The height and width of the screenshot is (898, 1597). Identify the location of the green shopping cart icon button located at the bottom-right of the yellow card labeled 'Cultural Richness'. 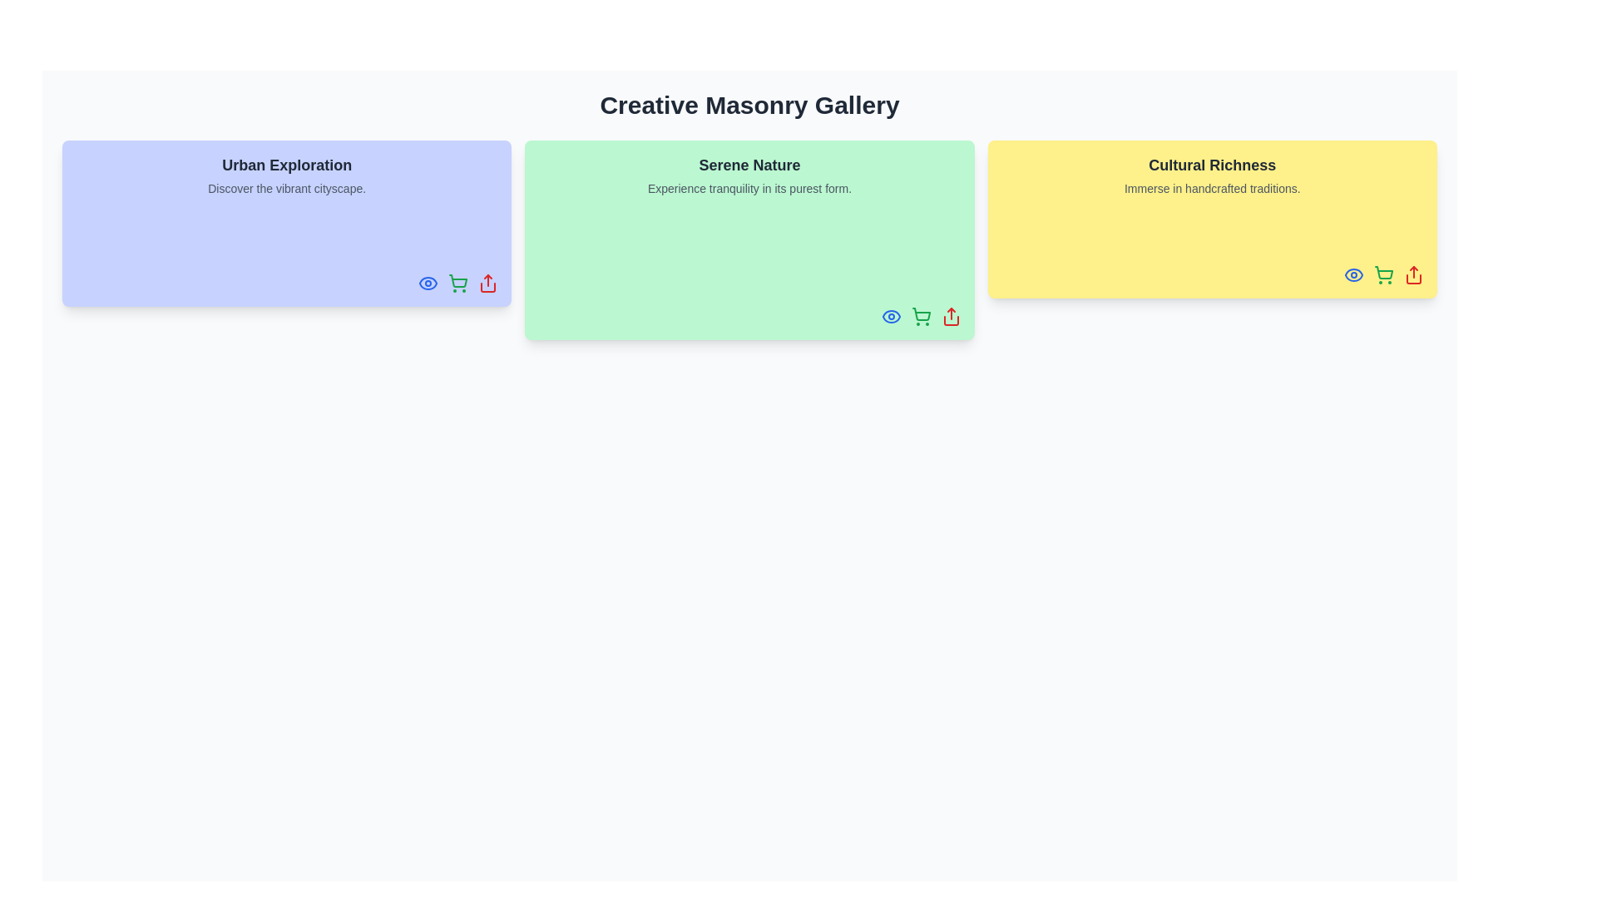
(1384, 274).